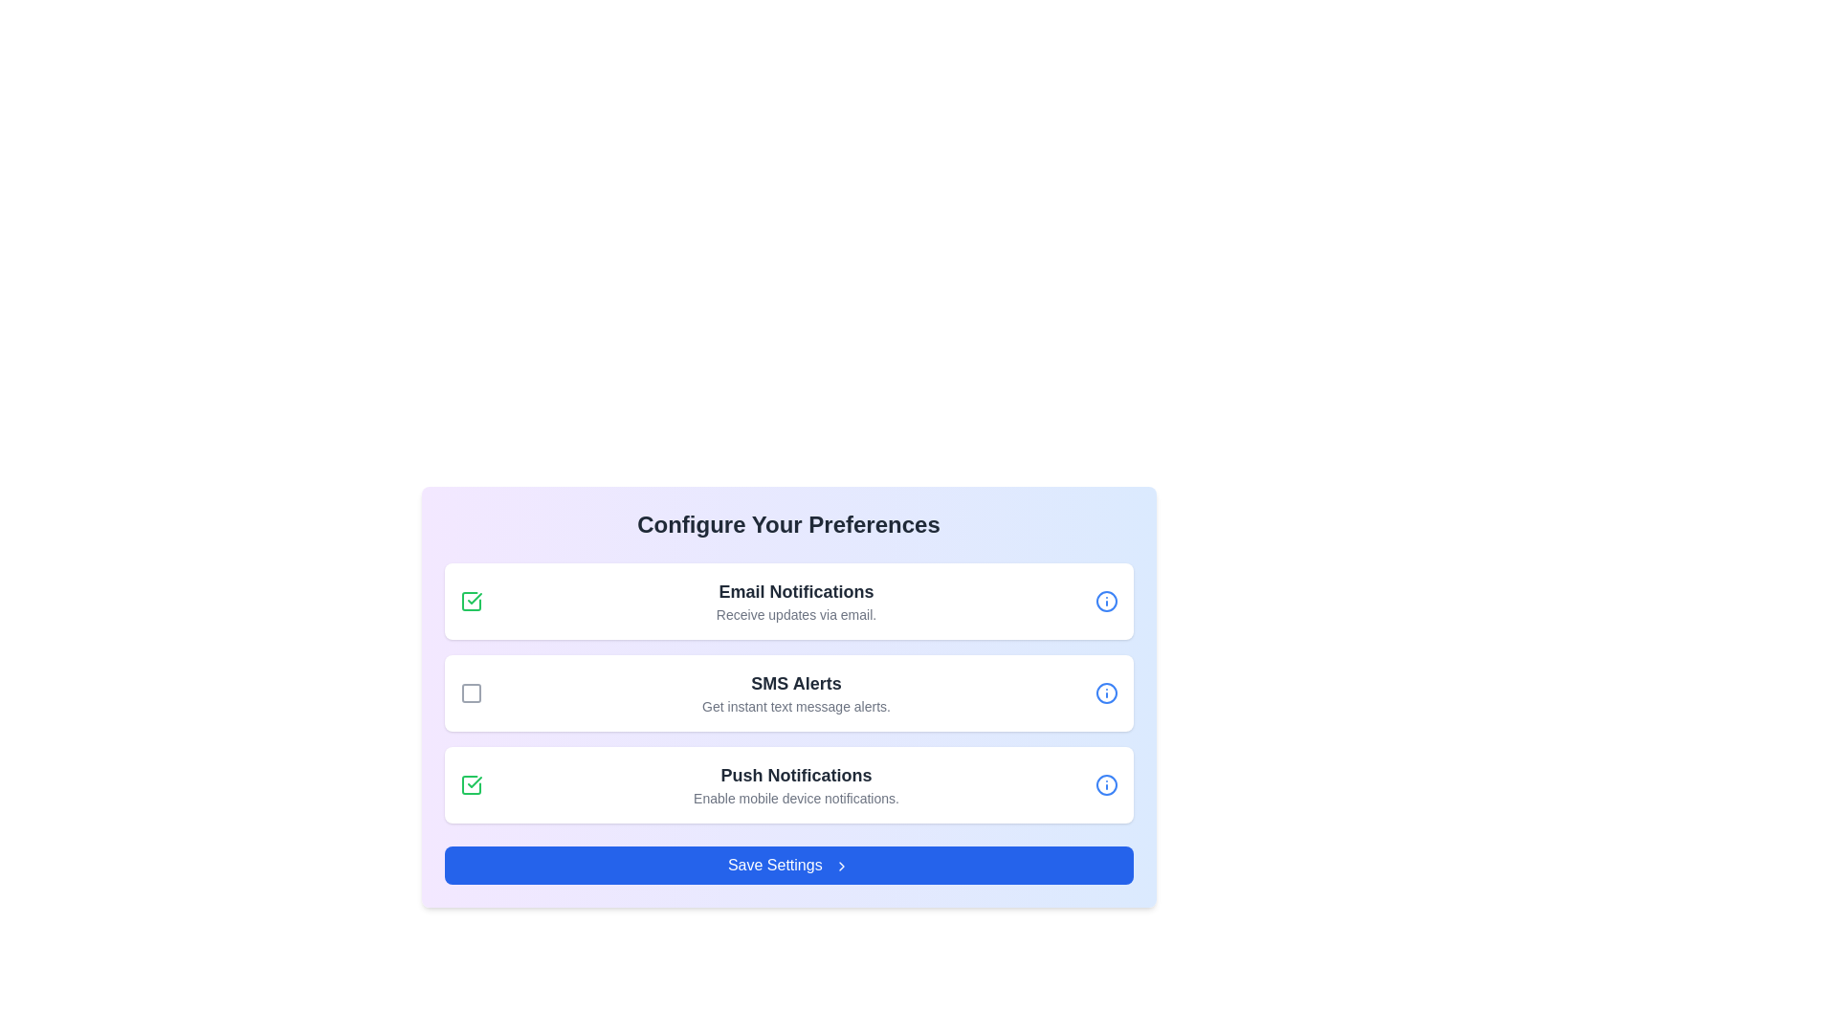 The width and height of the screenshot is (1837, 1033). I want to click on the inactive checkbox located to the left of the 'SMS Alerts' text, so click(471, 693).